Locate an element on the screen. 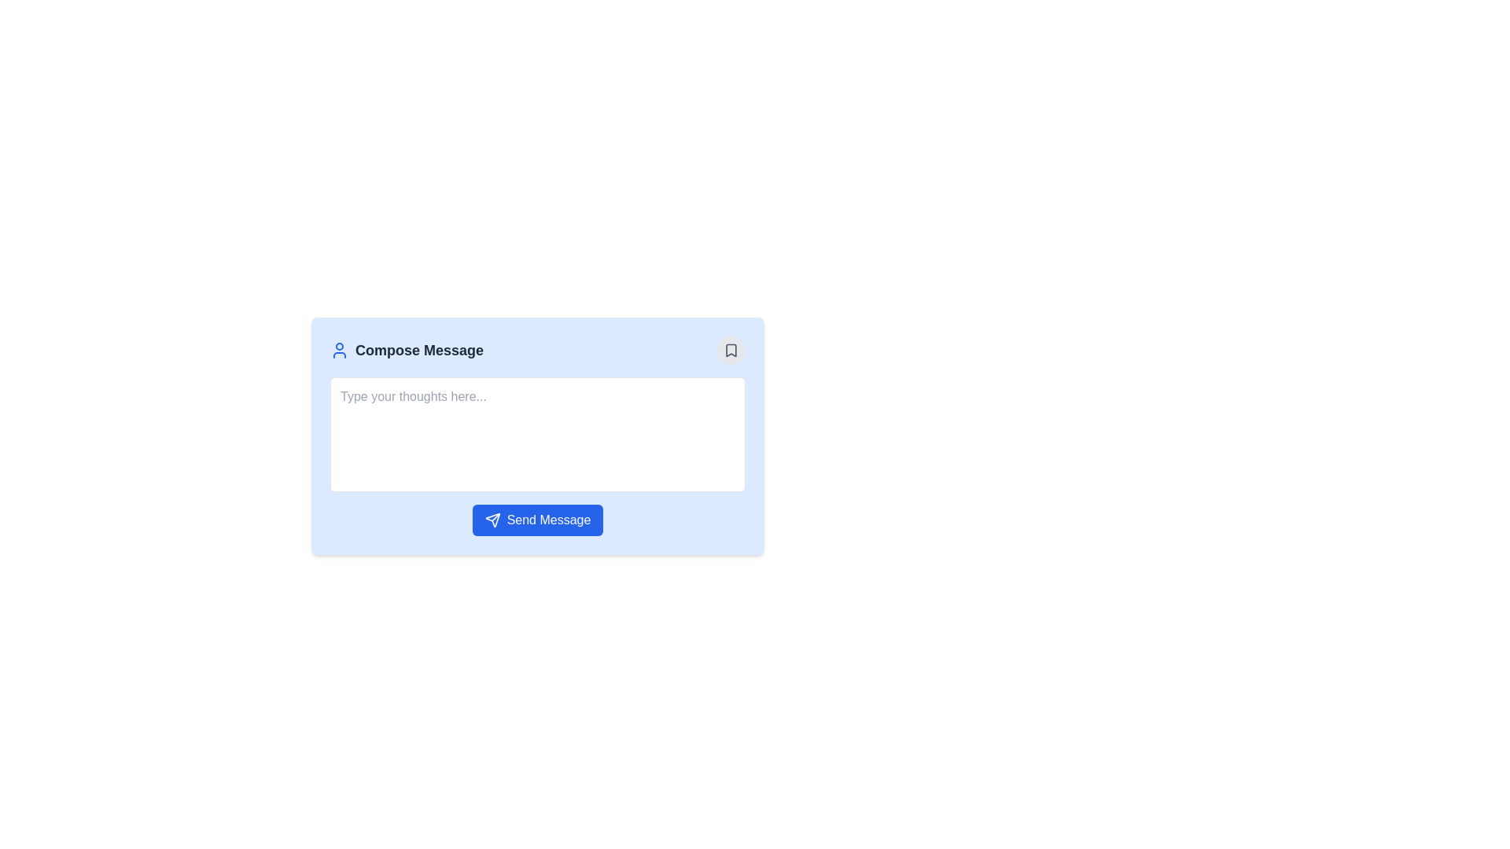 This screenshot has width=1510, height=849. the button located at the bottom of the blue box to send the composed message is located at coordinates (537, 520).